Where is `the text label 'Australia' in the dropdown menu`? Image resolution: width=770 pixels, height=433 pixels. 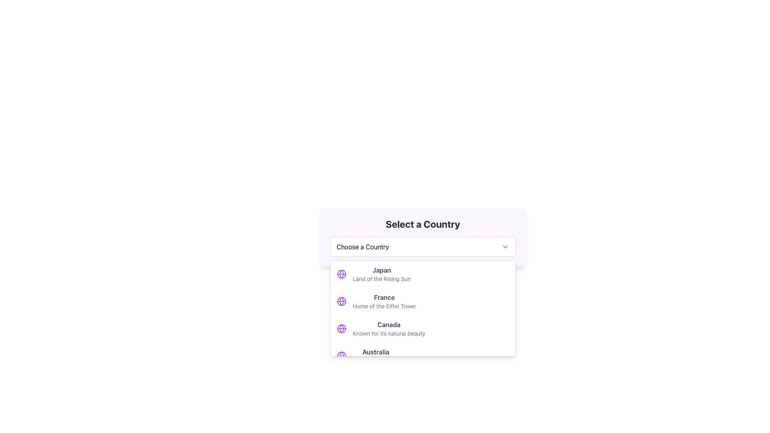
the text label 'Australia' in the dropdown menu is located at coordinates (375, 352).